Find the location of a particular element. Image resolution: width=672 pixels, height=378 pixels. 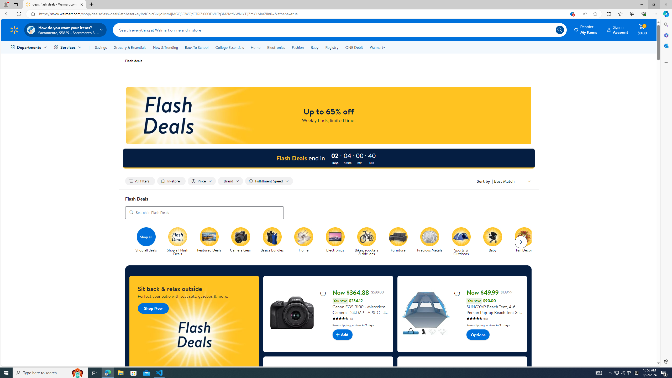

'Search in Flash Deals' is located at coordinates (204, 212).